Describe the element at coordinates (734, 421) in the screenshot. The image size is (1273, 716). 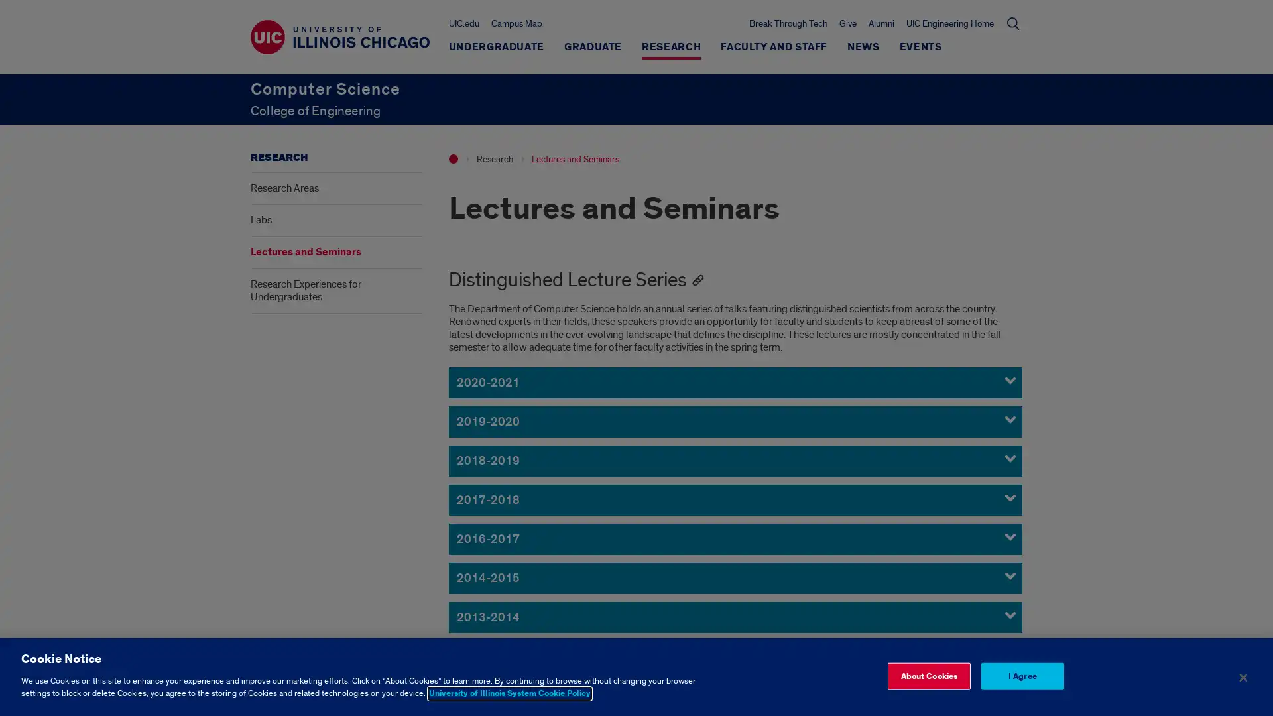
I see `2019-2020` at that location.